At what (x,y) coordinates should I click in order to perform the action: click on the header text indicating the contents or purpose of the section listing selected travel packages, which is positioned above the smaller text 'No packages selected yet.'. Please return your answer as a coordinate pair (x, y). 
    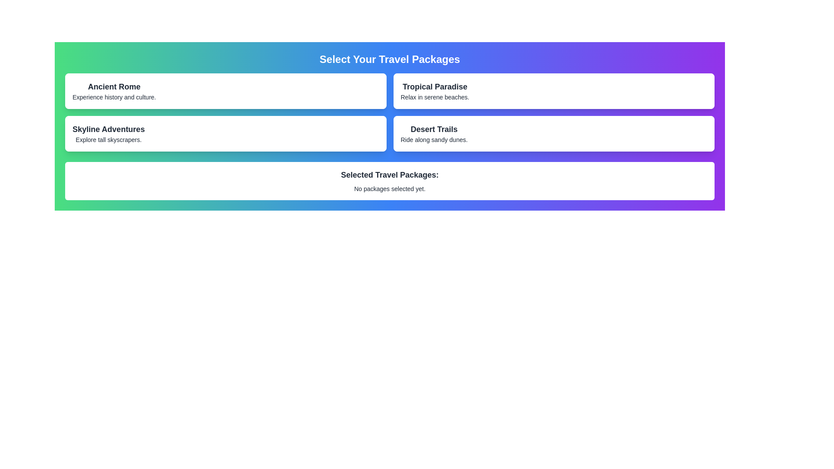
    Looking at the image, I should click on (389, 175).